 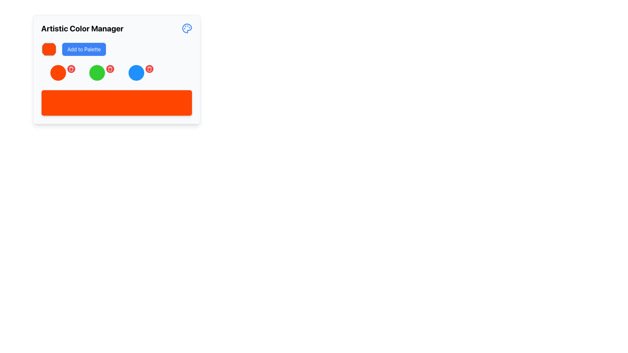 What do you see at coordinates (149, 69) in the screenshot?
I see `the deletion button associated with the blue color circle` at bounding box center [149, 69].